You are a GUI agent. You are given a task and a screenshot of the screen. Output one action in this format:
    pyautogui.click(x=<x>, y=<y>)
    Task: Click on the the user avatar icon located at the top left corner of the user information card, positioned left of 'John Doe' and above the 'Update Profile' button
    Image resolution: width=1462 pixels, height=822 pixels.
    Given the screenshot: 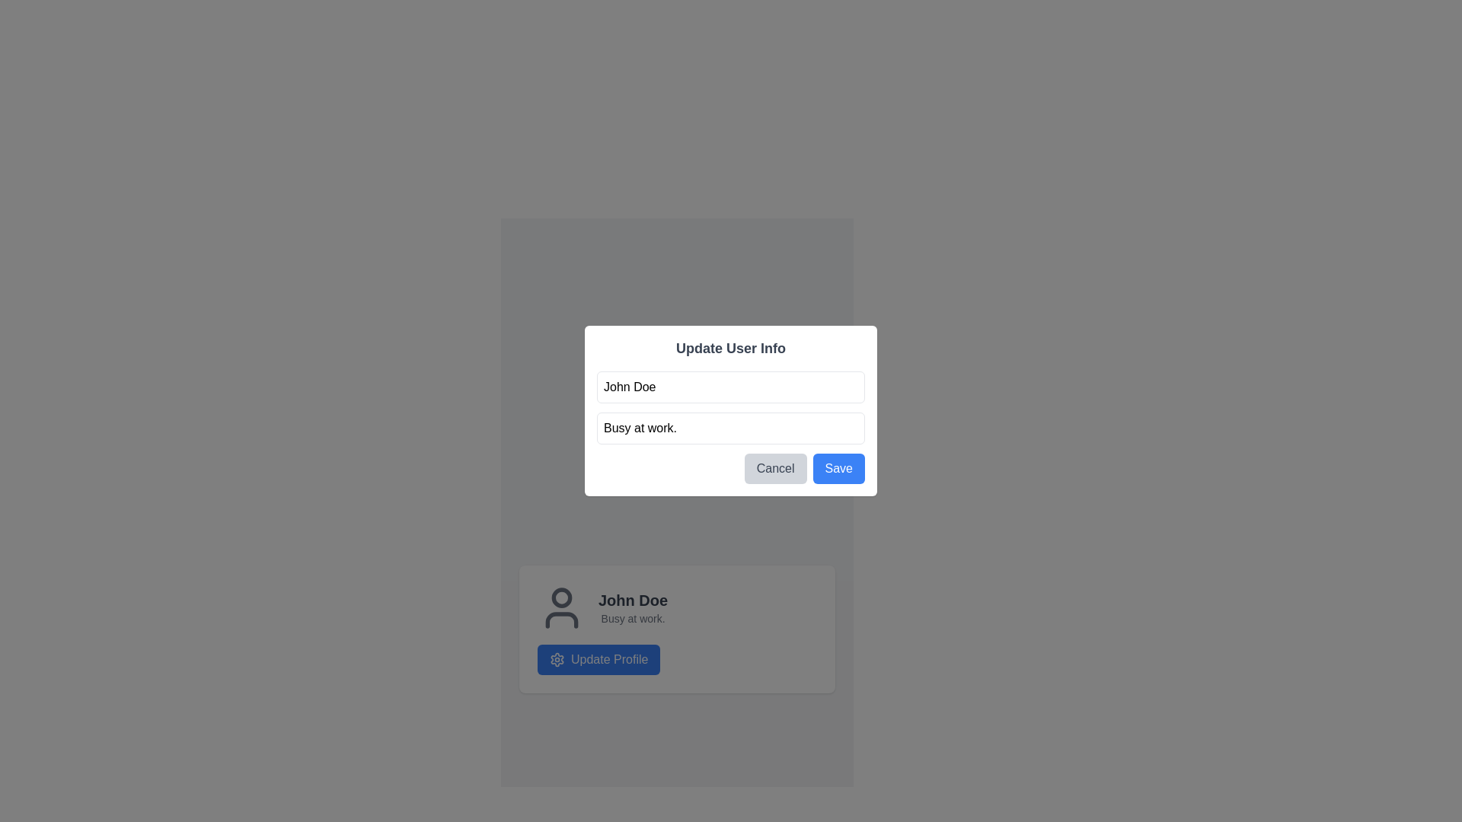 What is the action you would take?
    pyautogui.click(x=561, y=607)
    